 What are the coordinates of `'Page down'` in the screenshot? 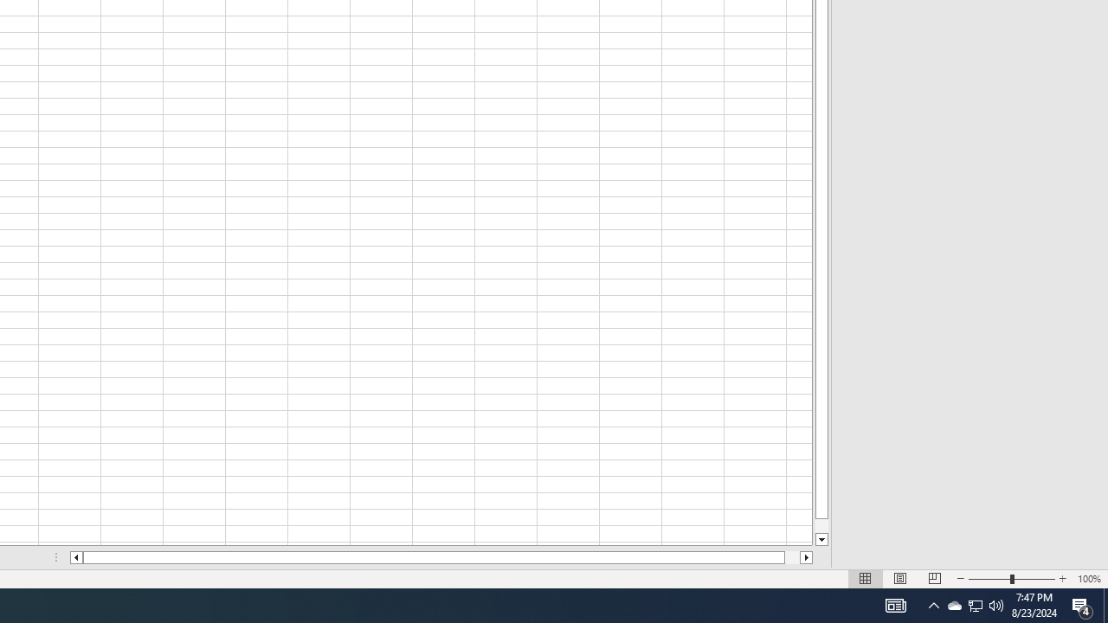 It's located at (821, 525).